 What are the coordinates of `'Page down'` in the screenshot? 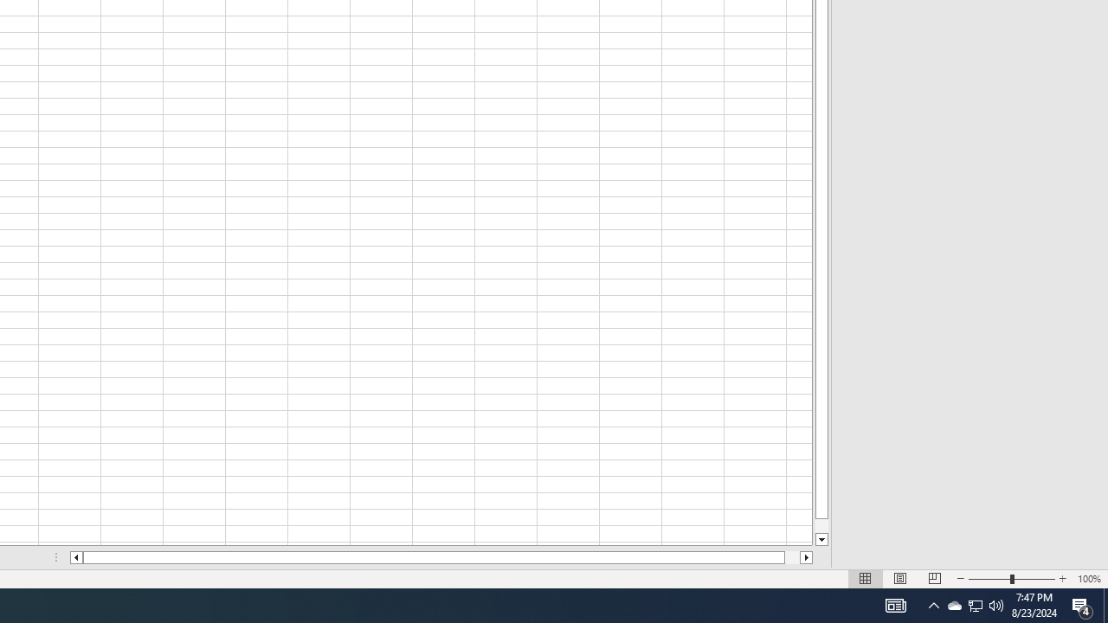 It's located at (821, 525).